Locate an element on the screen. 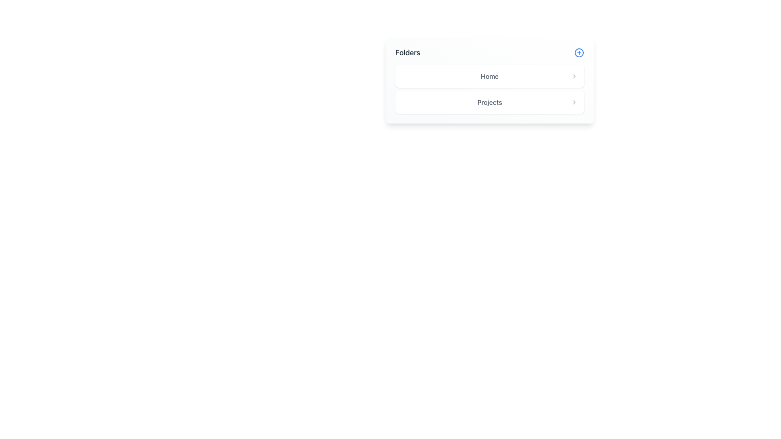 This screenshot has width=781, height=439. the inner circle of the plus icon button located in the upper-right corner of the 'Folders' section is located at coordinates (579, 53).